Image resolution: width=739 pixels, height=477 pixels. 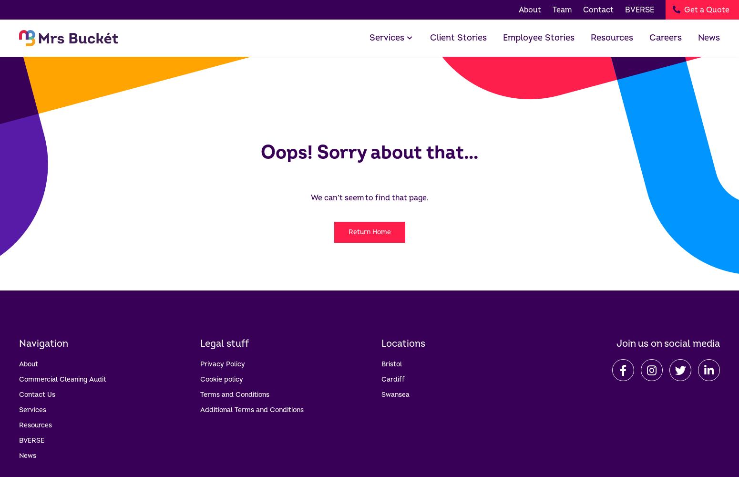 I want to click on 'Cookie policy', so click(x=222, y=379).